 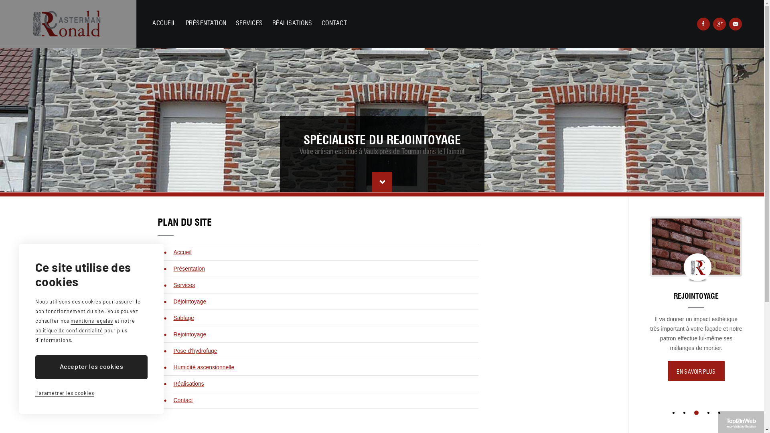 I want to click on '2', so click(x=685, y=413).